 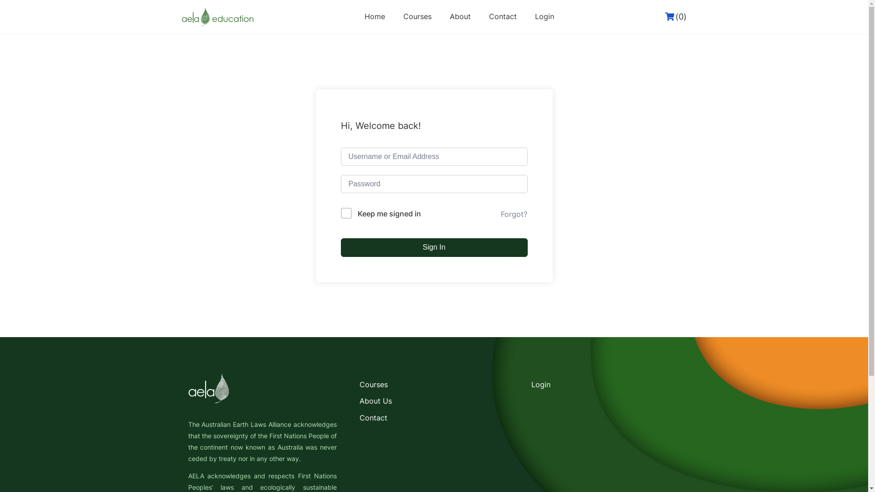 I want to click on 'Login', so click(x=540, y=384).